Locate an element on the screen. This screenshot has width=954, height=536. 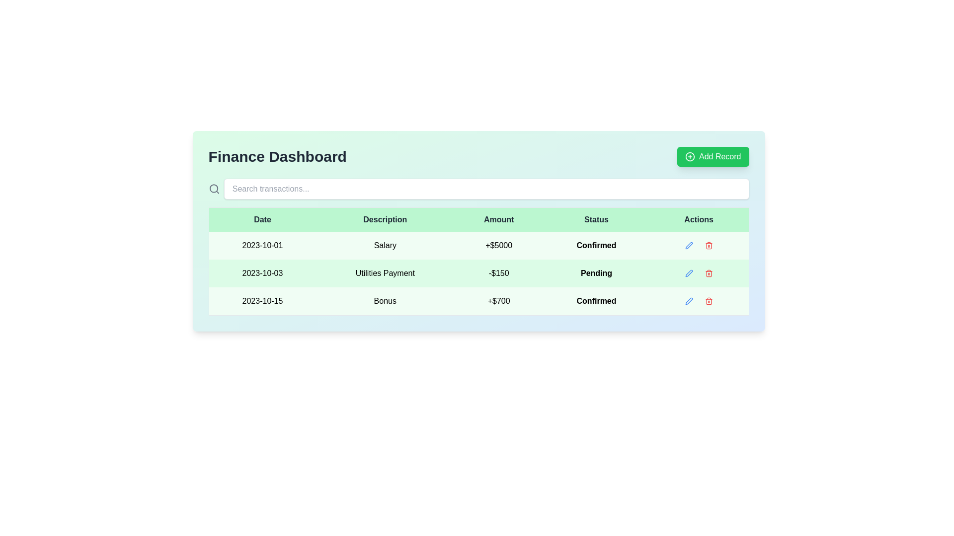
the trash icon element located in the rightmost column under the 'Actions' heading in the third row of the table is located at coordinates (708, 301).